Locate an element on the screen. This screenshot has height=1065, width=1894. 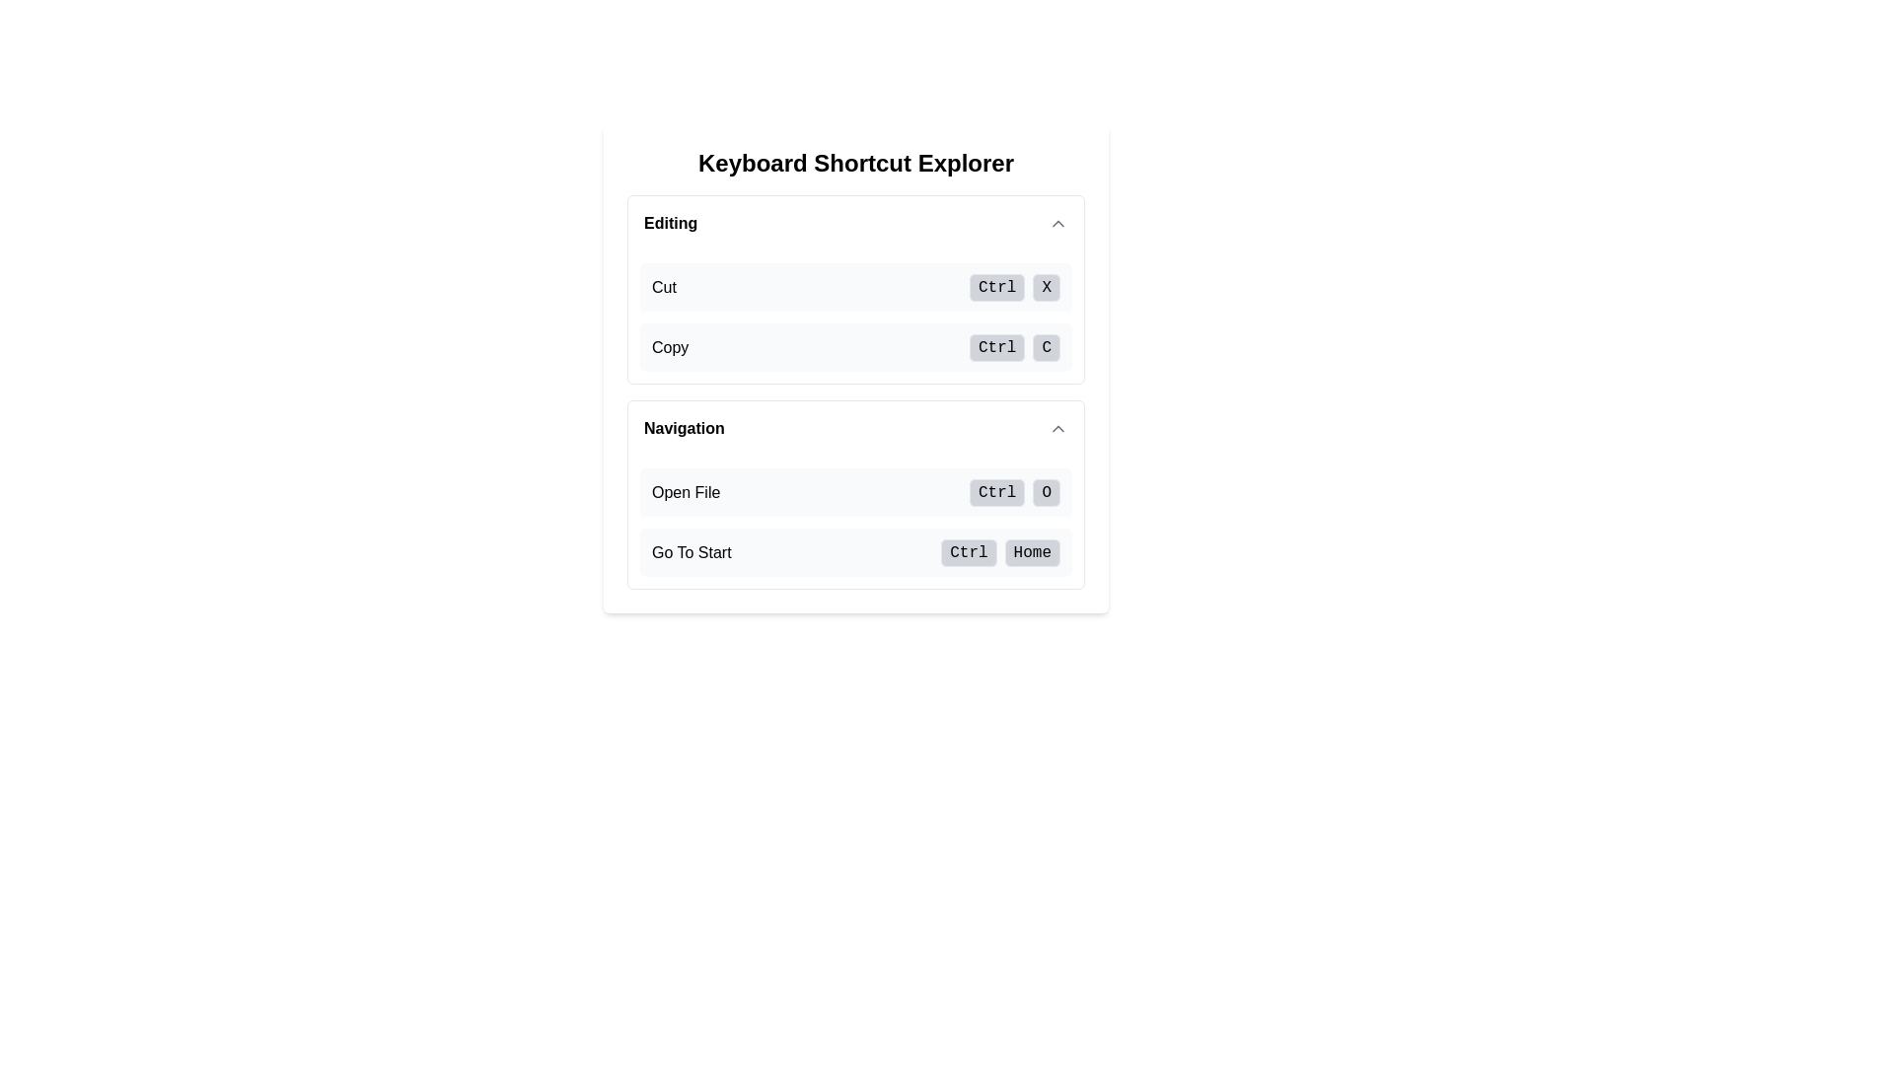
the children elements of the Panel providing keyboard shortcuts for cut and copy operations, located within the 'Keyboard Shortcut Explorer' card, above the 'Navigation' section is located at coordinates (856, 289).